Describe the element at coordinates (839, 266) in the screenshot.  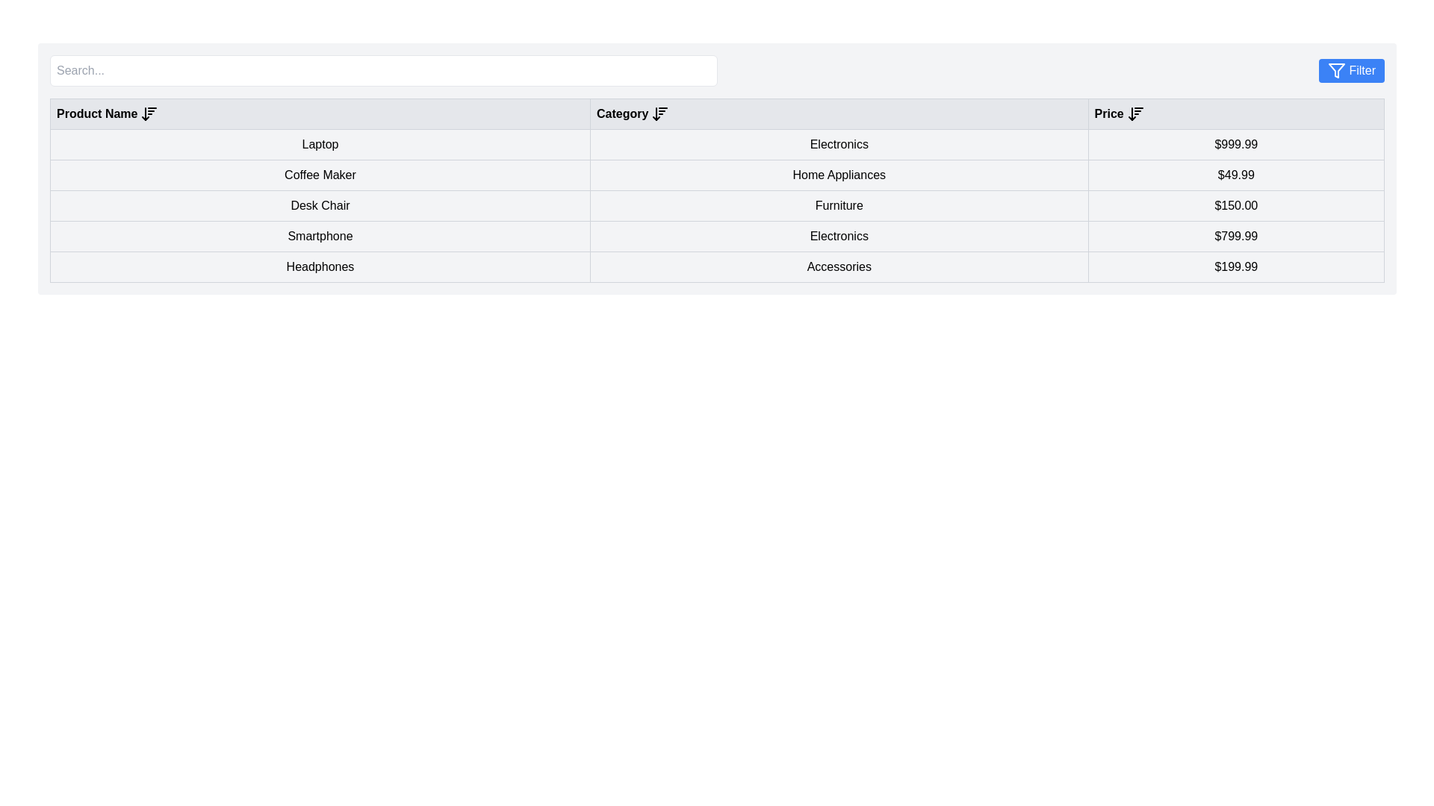
I see `the text box labeled 'Accessories' which is styled with a gray border and centrally aligned text, located in the fifth row of the table under the 'Category' column` at that location.